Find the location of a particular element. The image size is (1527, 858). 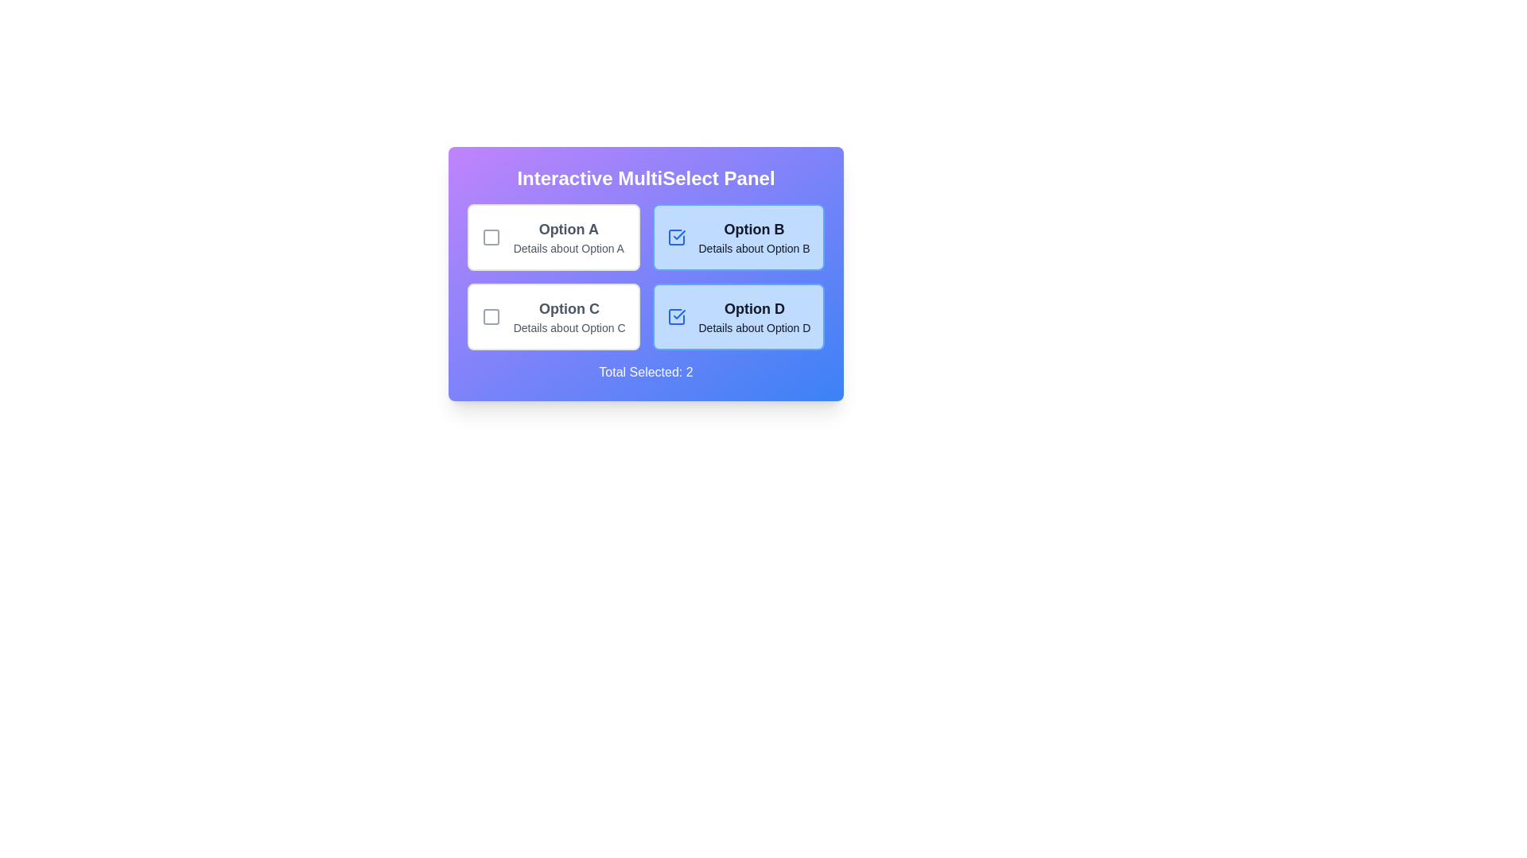

the option Option A to read its details is located at coordinates (554, 238).